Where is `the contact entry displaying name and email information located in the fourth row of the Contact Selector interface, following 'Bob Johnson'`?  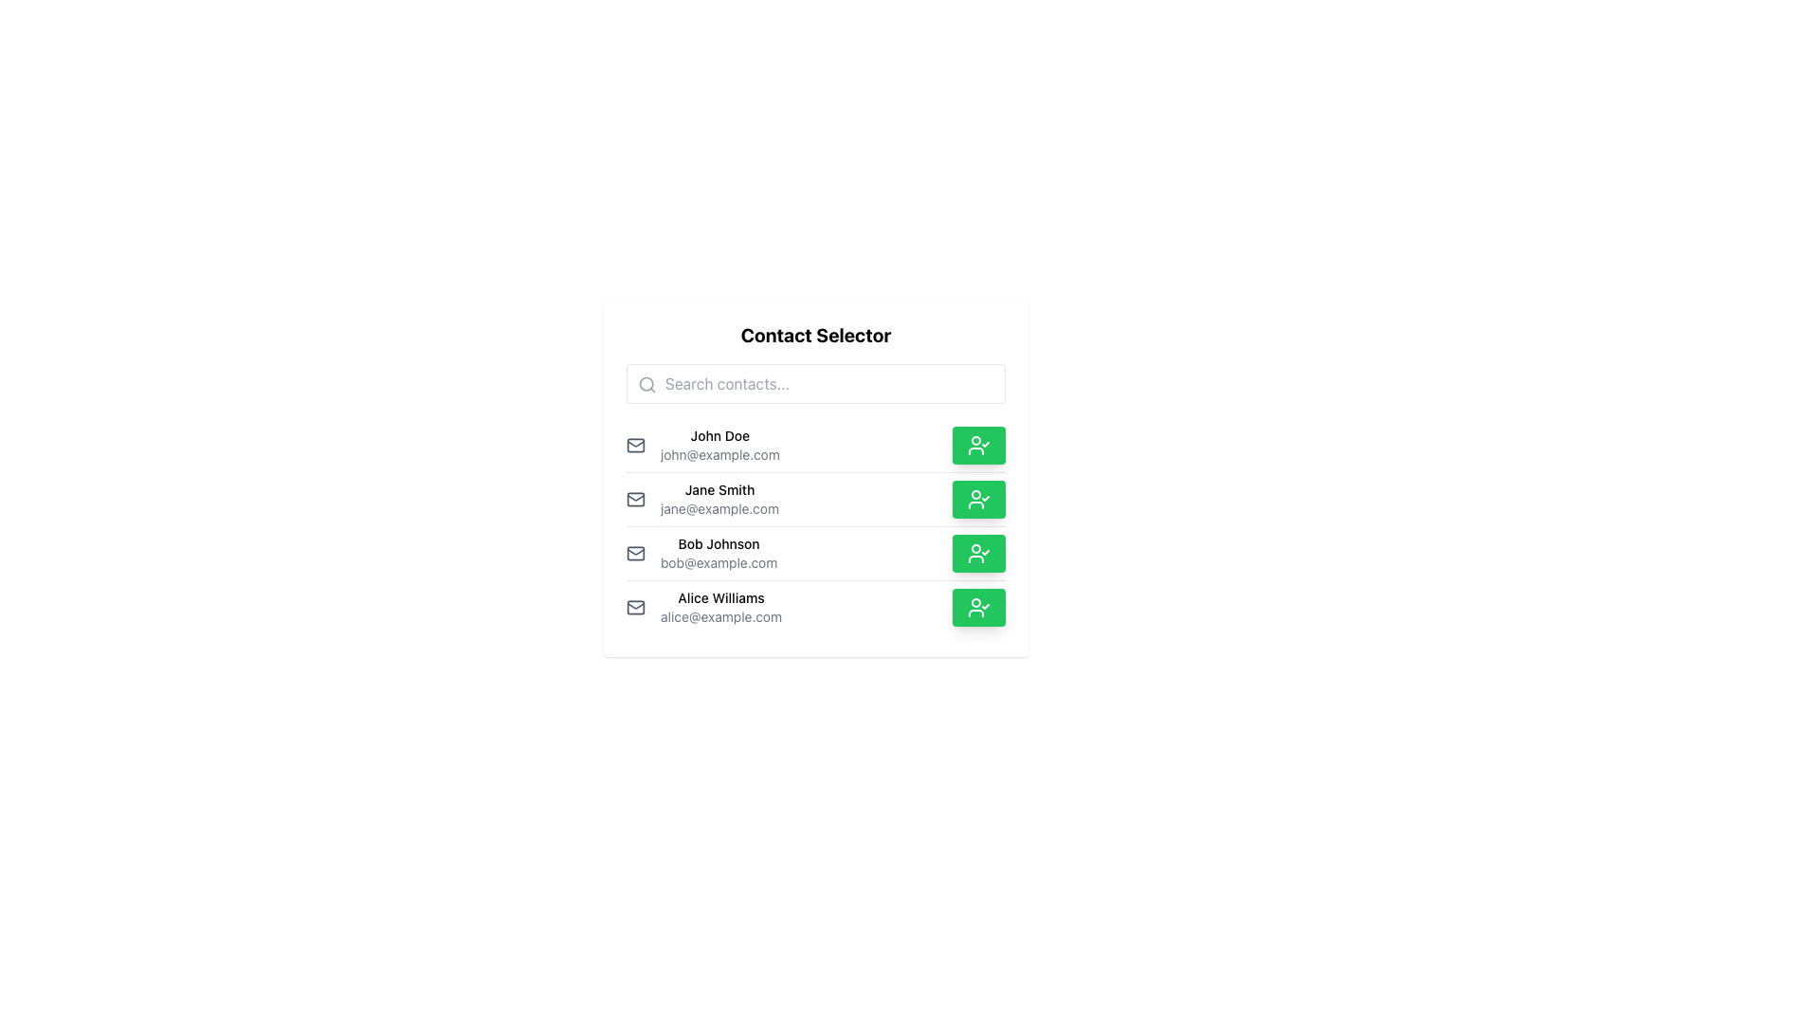 the contact entry displaying name and email information located in the fourth row of the Contact Selector interface, following 'Bob Johnson' is located at coordinates (720, 607).